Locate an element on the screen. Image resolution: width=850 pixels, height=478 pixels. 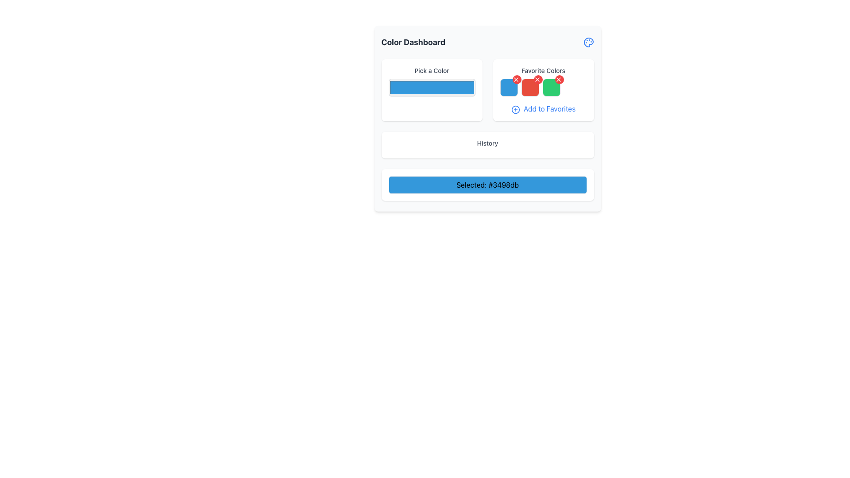
the blue informational display box that shows the text 'Selected: #3498db', which is located below the 'History' box in the 'Color Dashboard' is located at coordinates (487, 184).